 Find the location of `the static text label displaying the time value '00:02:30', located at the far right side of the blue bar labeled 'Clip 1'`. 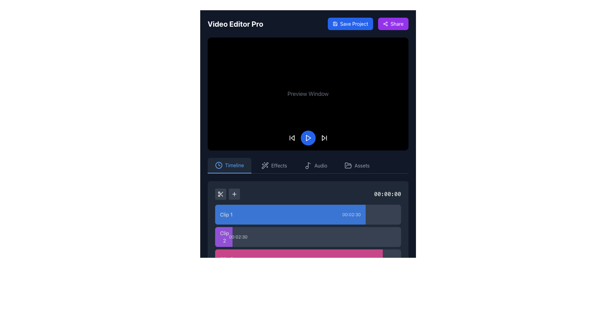

the static text label displaying the time value '00:02:30', located at the far right side of the blue bar labeled 'Clip 1' is located at coordinates (351, 214).